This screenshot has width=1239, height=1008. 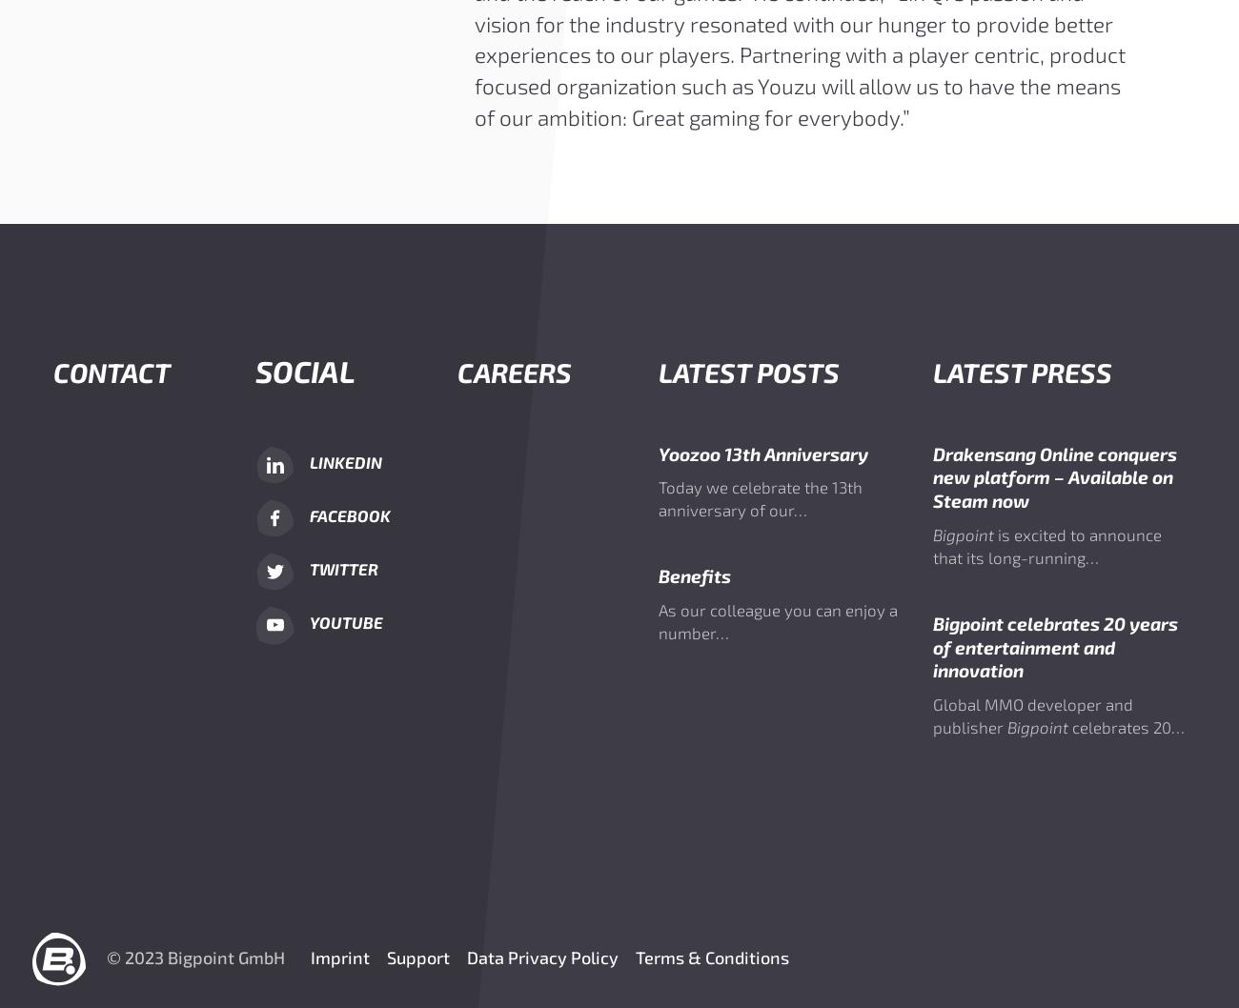 I want to click on 'Drakensang Online conquers new platform – Available on Steam now', so click(x=930, y=475).